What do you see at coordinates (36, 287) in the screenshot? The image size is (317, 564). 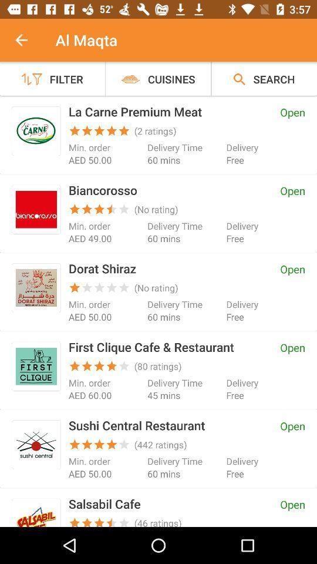 I see `dorat shiraz` at bounding box center [36, 287].